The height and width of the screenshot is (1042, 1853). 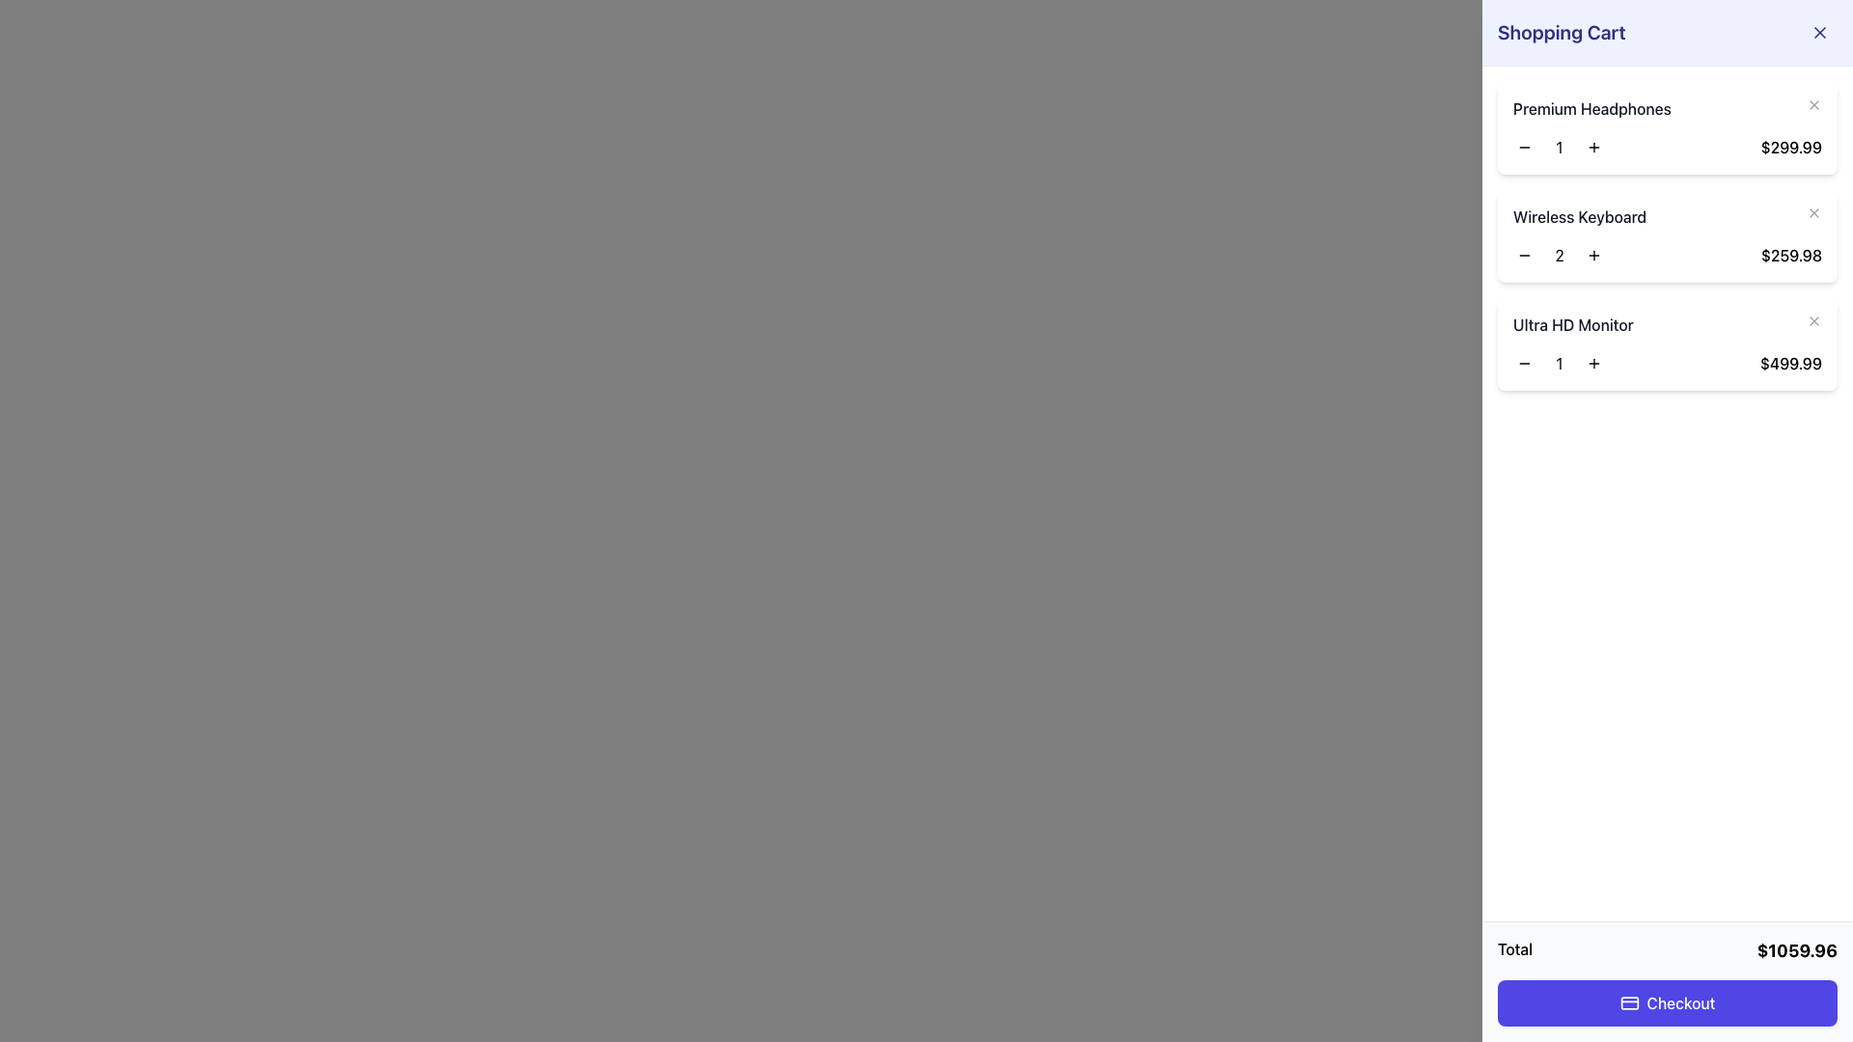 I want to click on the text display label that shows the quantity of an item in the shopping cart interface, positioned between the '-' and '+' buttons, so click(x=1560, y=147).